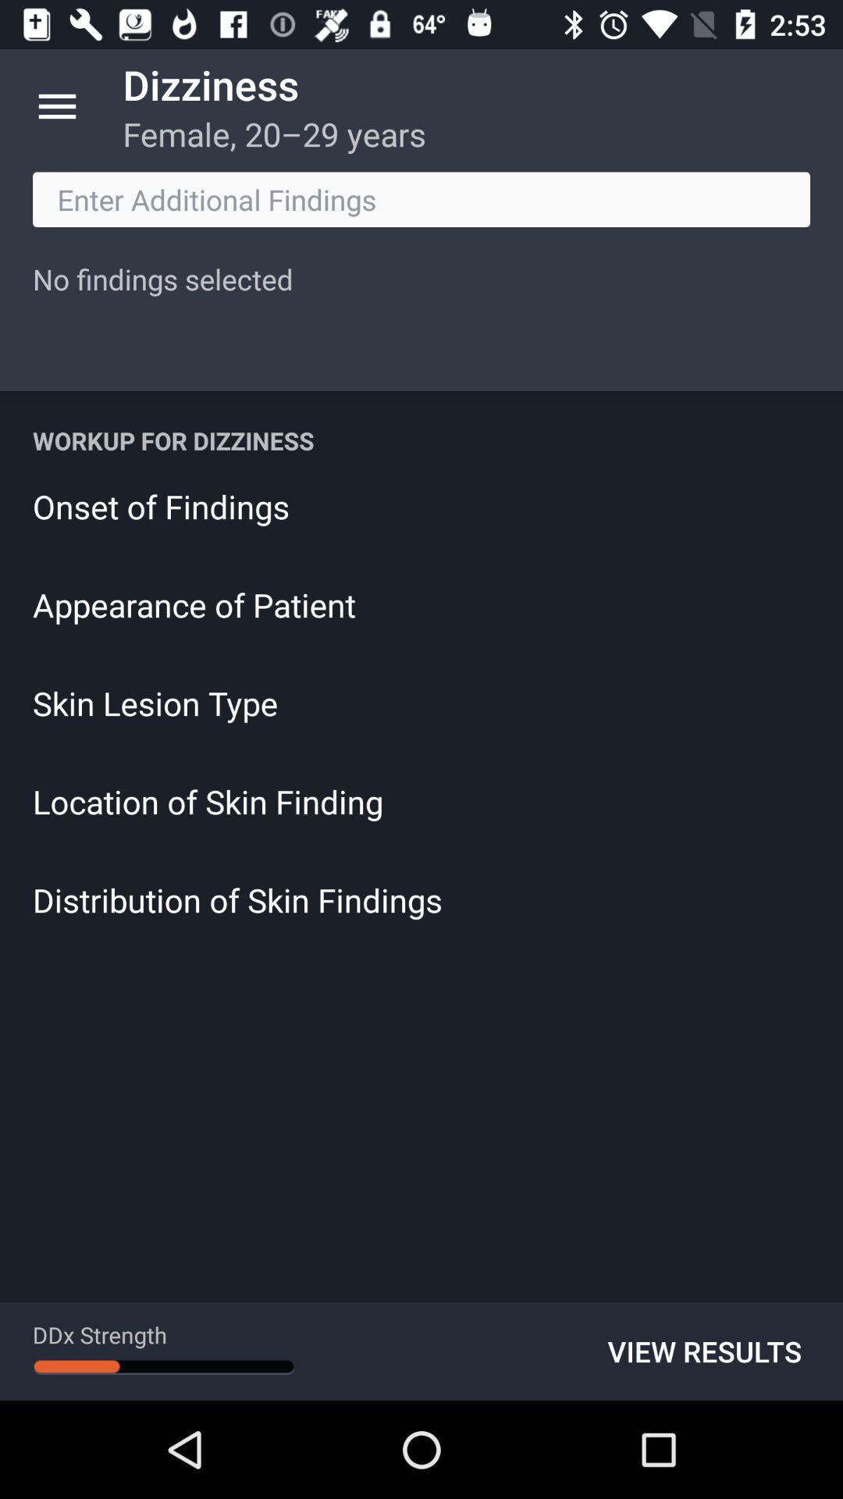  What do you see at coordinates (421, 702) in the screenshot?
I see `skin lesion type item` at bounding box center [421, 702].